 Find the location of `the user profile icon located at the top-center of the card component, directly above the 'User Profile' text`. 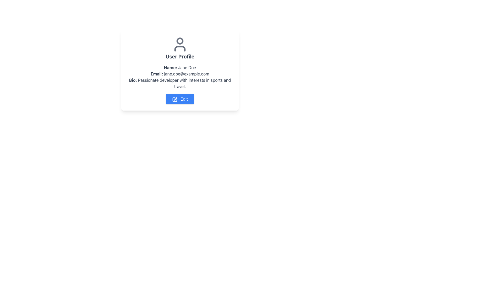

the user profile icon located at the top-center of the card component, directly above the 'User Profile' text is located at coordinates (180, 44).